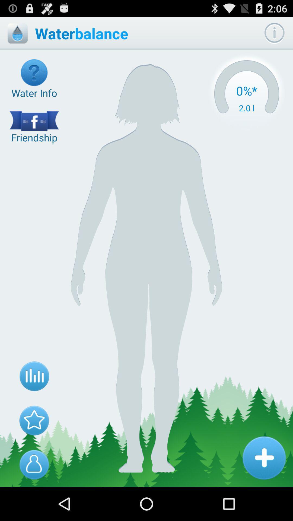 Image resolution: width=293 pixels, height=521 pixels. What do you see at coordinates (17, 33) in the screenshot?
I see `item next to waterbalance` at bounding box center [17, 33].